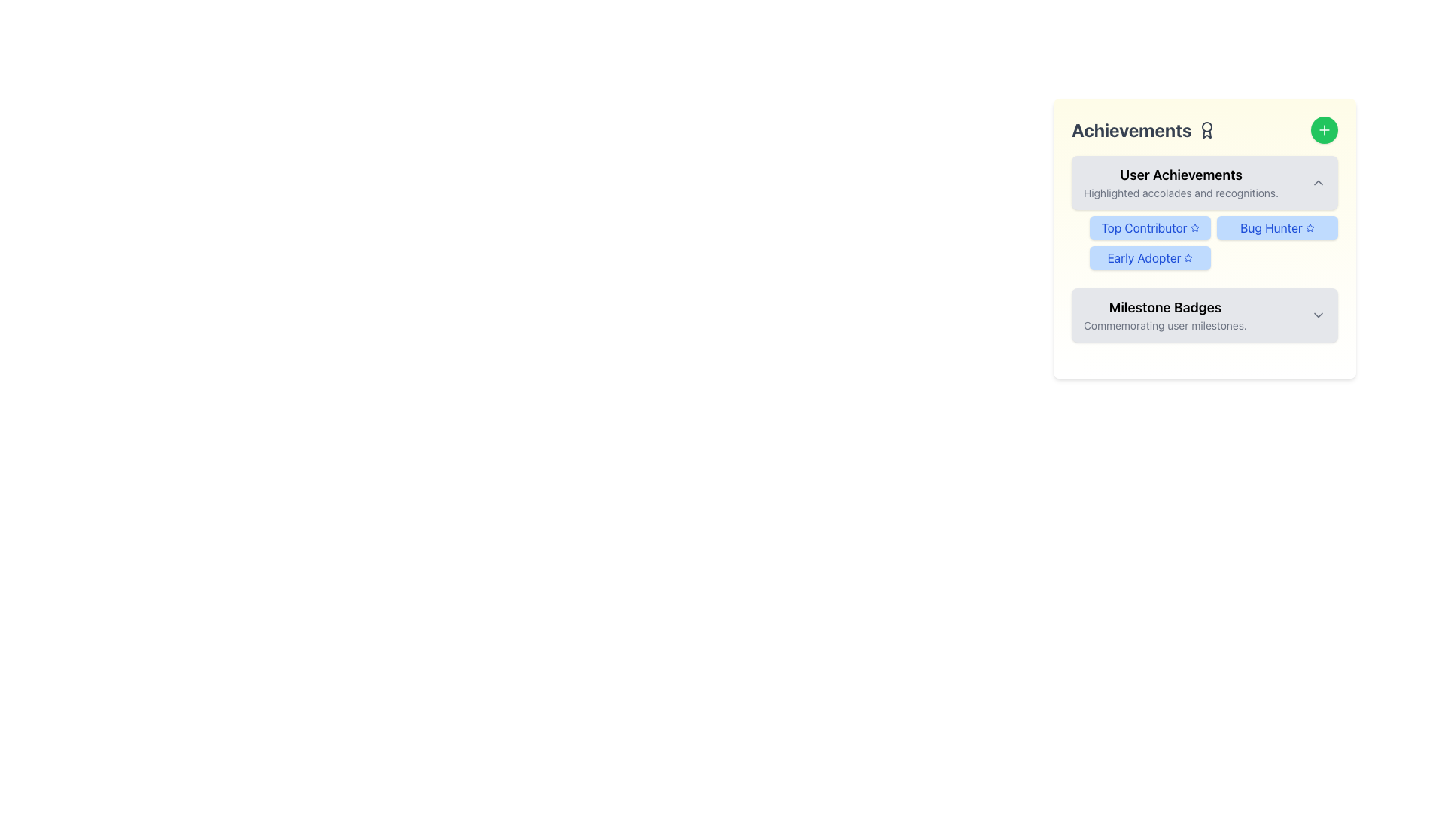  I want to click on the star icon next to the 'Bug Hunter' label in the 'User Achievements' section of the 'Achievements' card to indicate its achievement status, so click(1194, 227).